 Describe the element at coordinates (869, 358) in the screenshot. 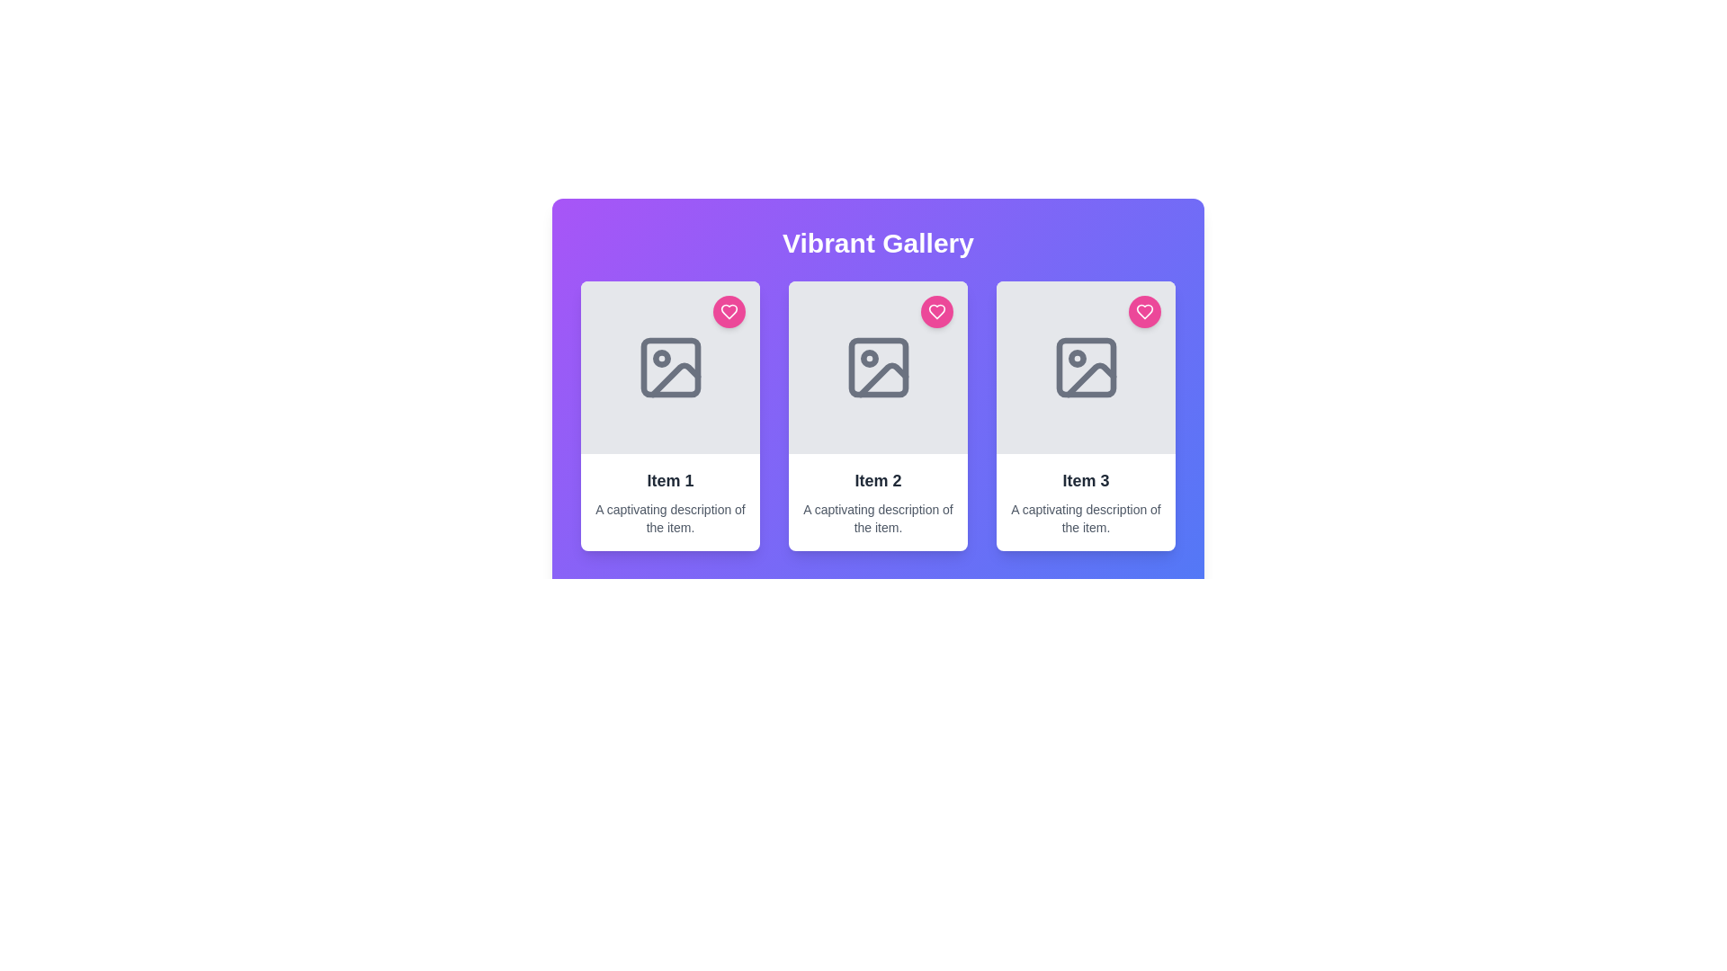

I see `the small circular dot located in the top-left section of the rectangular image outline within the second item card` at that location.